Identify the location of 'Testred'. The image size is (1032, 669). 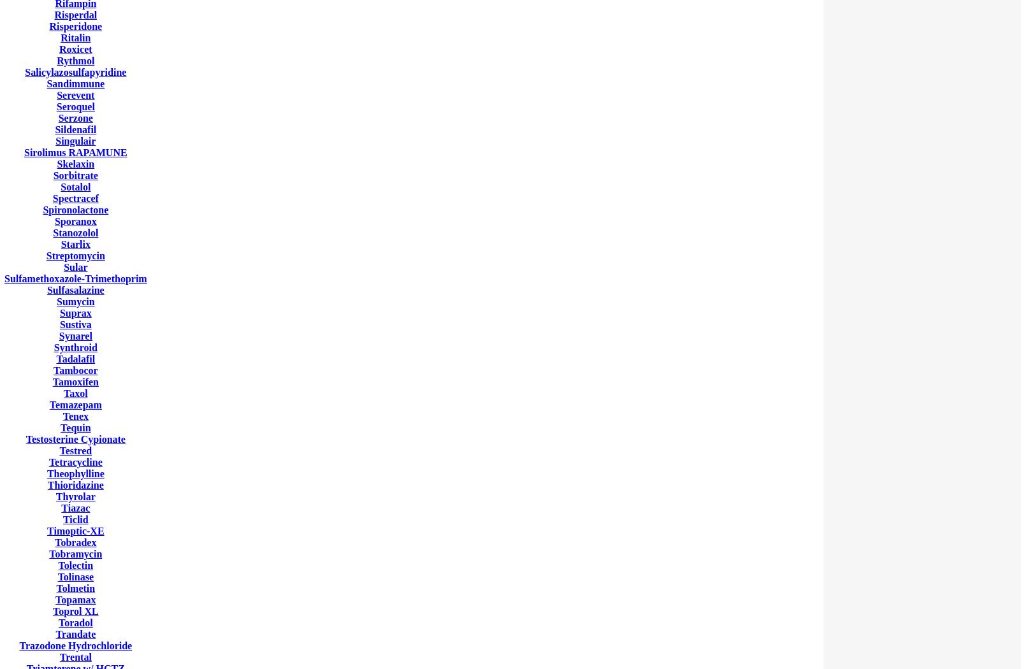
(75, 450).